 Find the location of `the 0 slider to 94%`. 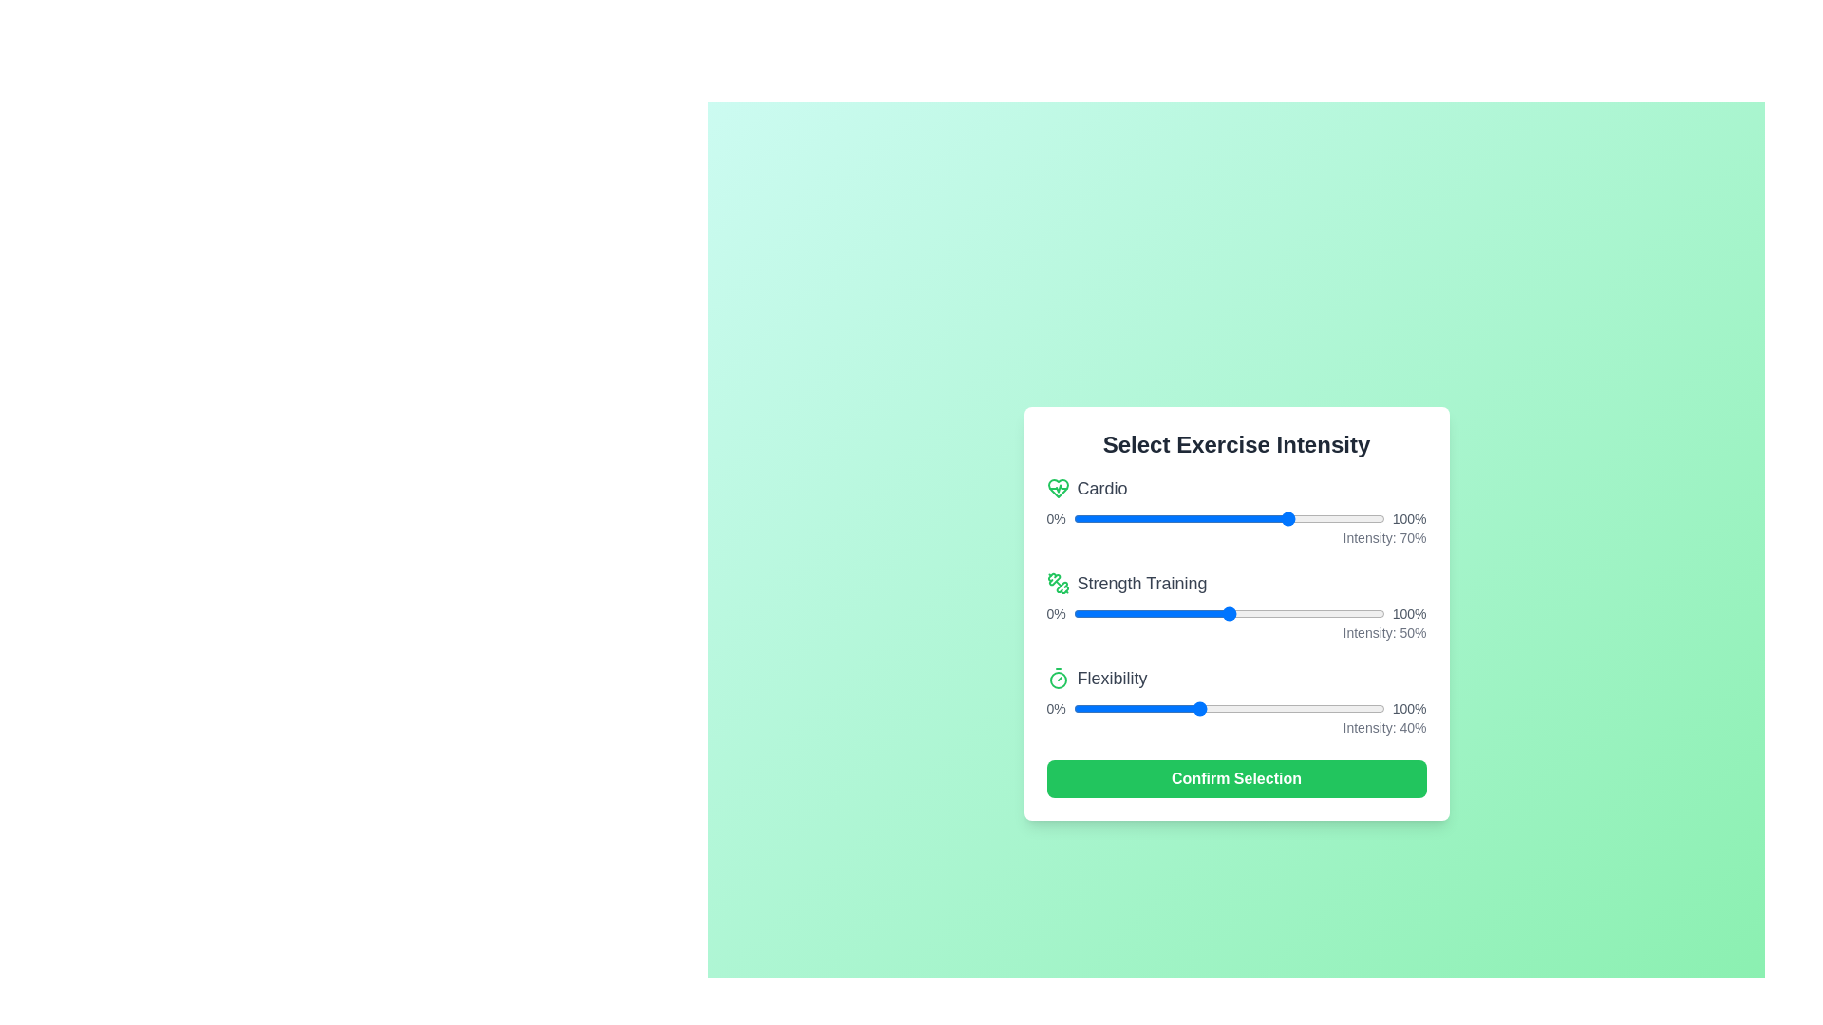

the 0 slider to 94% is located at coordinates (1375, 519).